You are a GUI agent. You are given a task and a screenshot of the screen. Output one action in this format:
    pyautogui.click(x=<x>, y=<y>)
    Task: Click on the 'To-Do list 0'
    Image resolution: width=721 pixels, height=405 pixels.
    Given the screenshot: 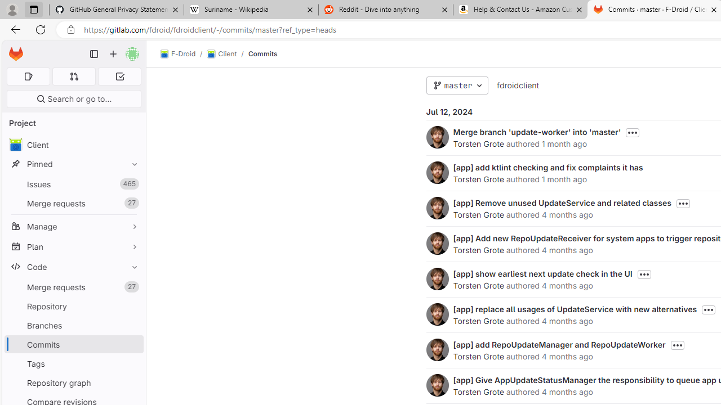 What is the action you would take?
    pyautogui.click(x=119, y=76)
    